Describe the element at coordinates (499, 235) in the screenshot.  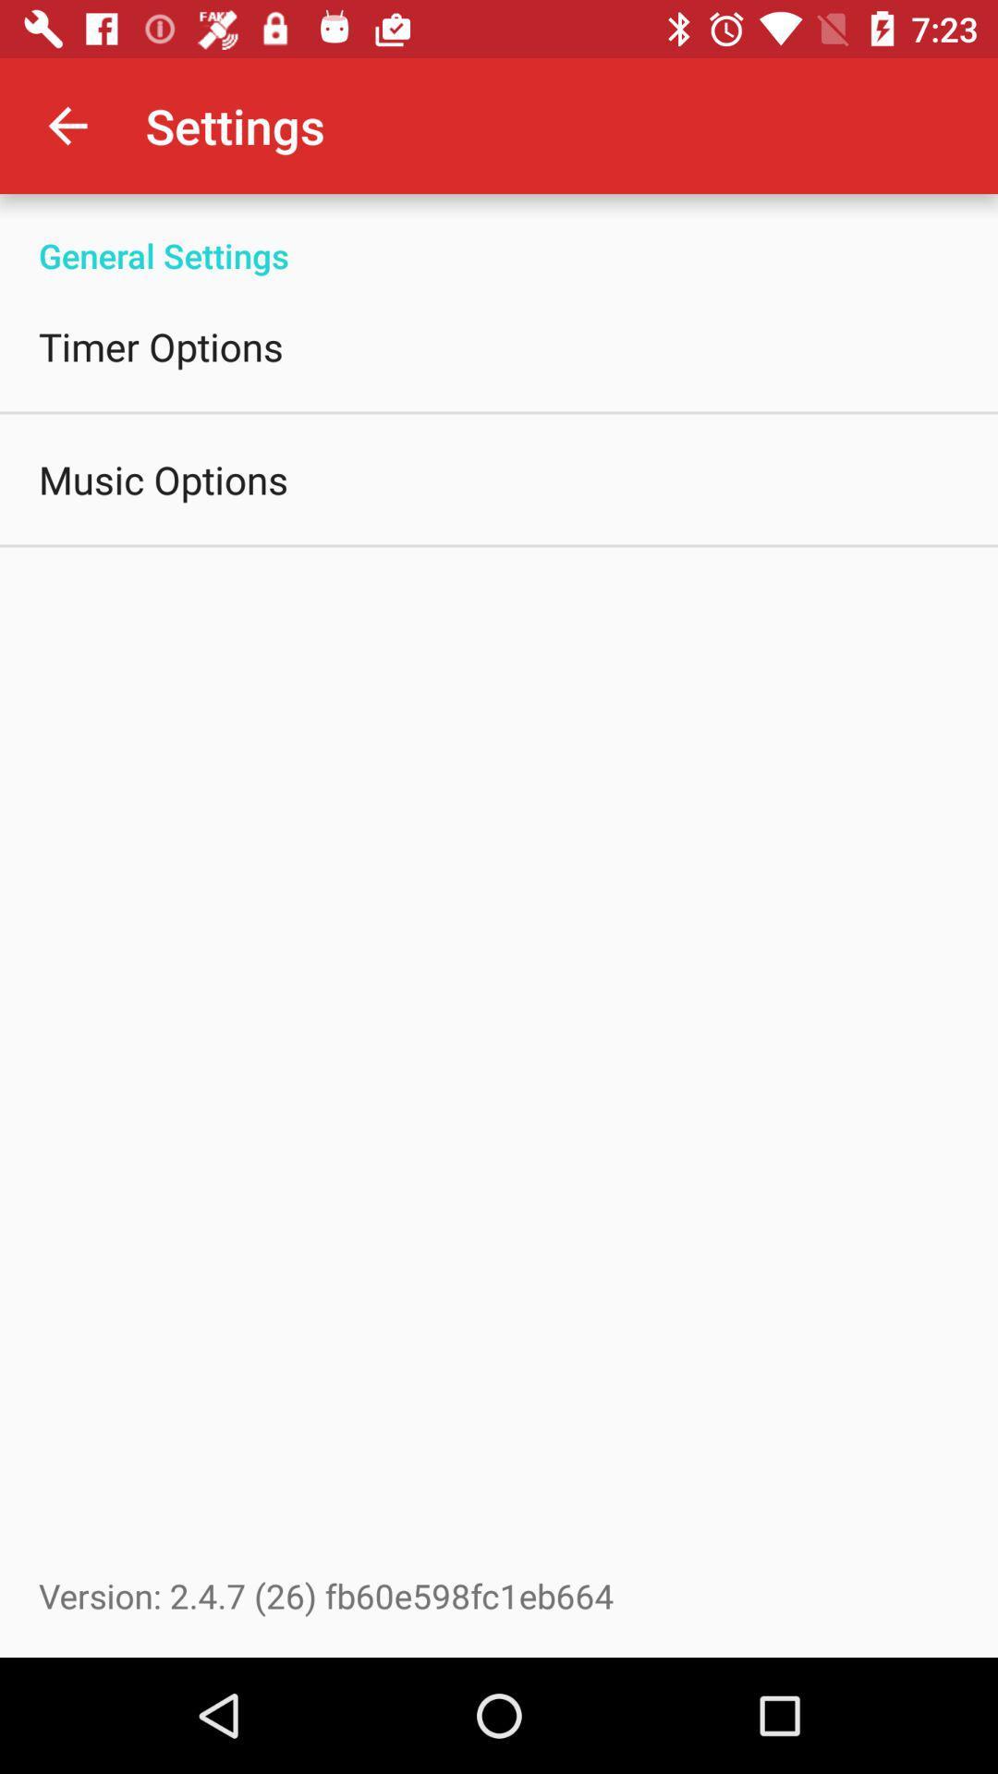
I see `the item above timer options icon` at that location.